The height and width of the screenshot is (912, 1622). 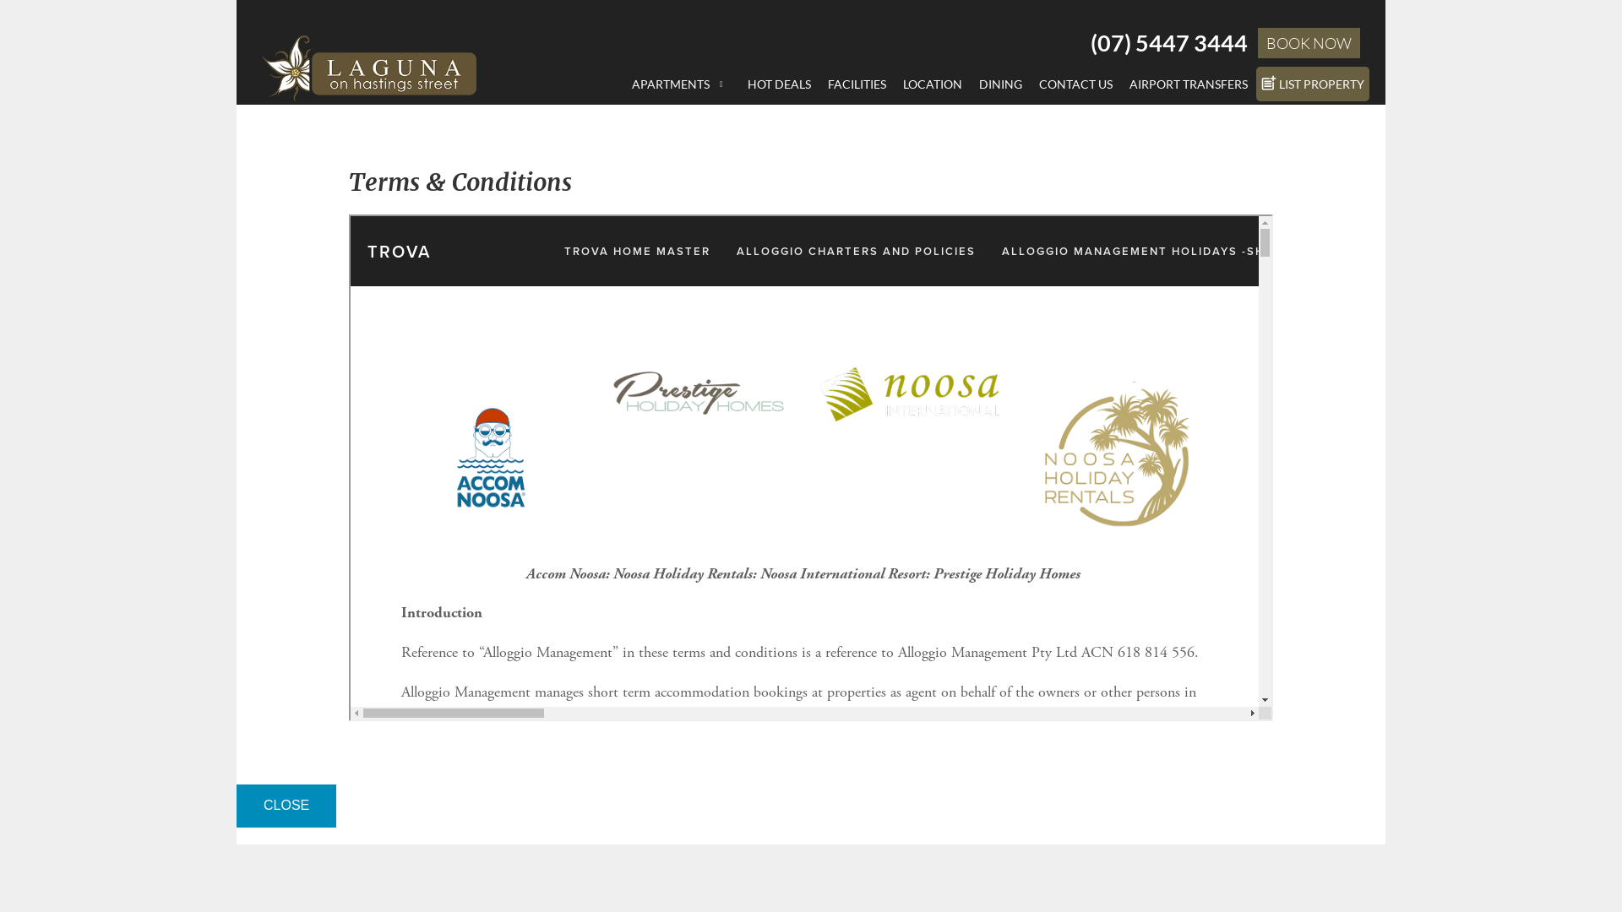 I want to click on '(07) 5447 3444', so click(x=1168, y=41).